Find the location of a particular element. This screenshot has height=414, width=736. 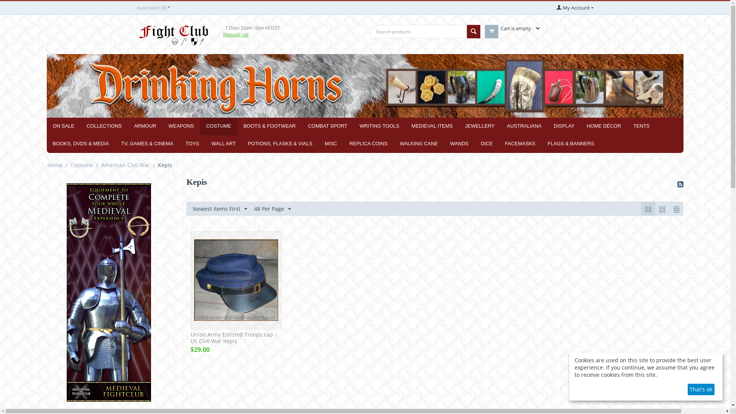

'BOOKS, DVDS & MEDIA' is located at coordinates (81, 144).